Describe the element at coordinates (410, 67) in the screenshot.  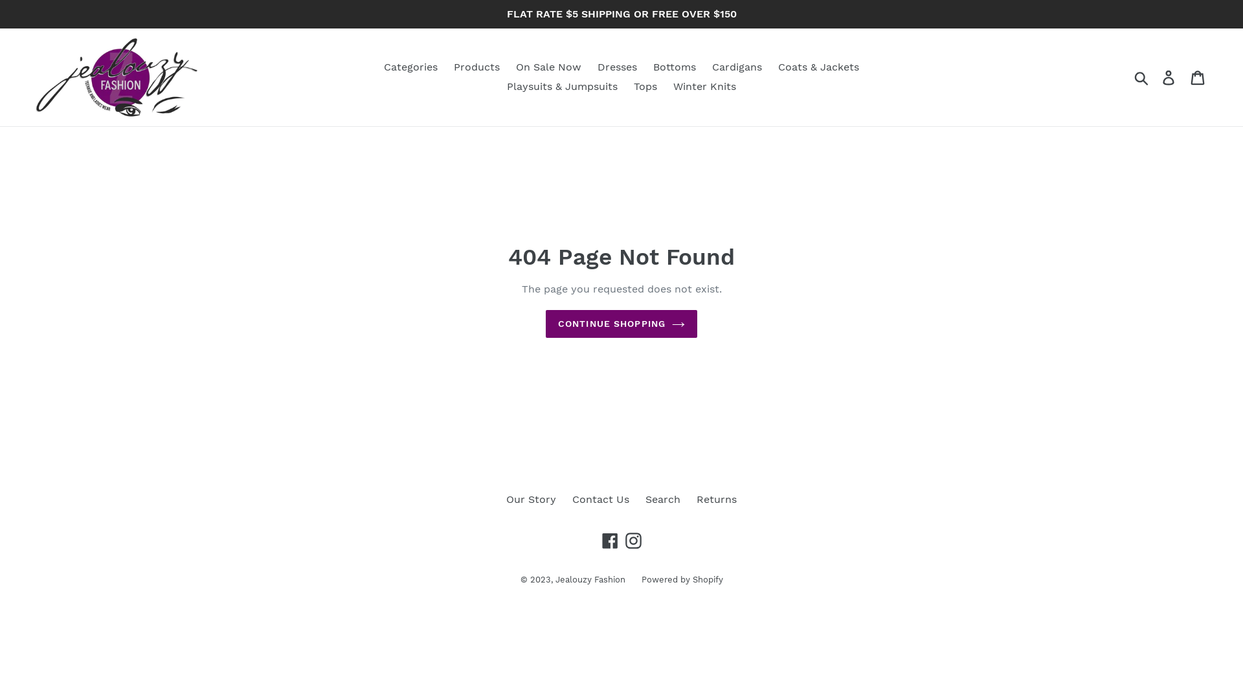
I see `'Categories'` at that location.